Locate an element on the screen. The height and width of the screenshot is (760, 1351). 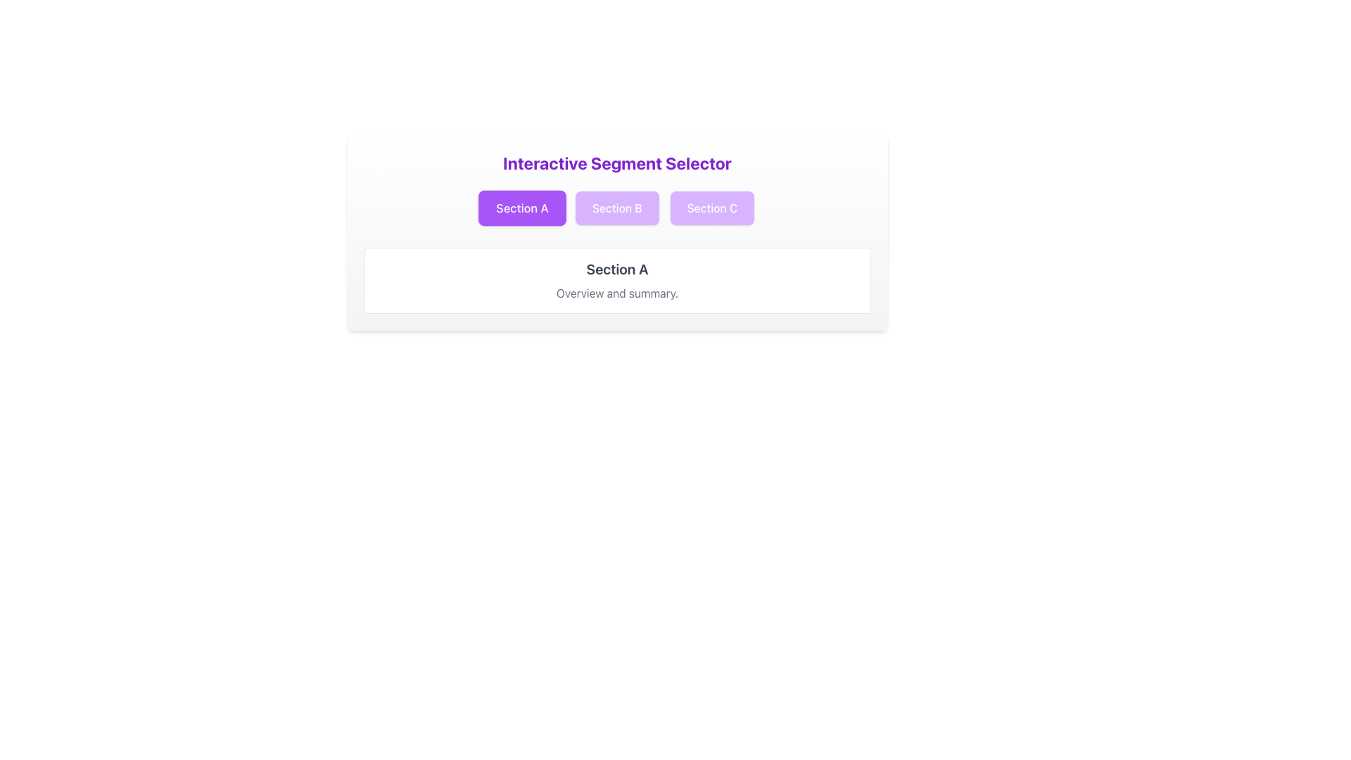
the static informational text located within a white box with a gray border and rounded corners, positioned directly below the 'Section A' title is located at coordinates (617, 292).